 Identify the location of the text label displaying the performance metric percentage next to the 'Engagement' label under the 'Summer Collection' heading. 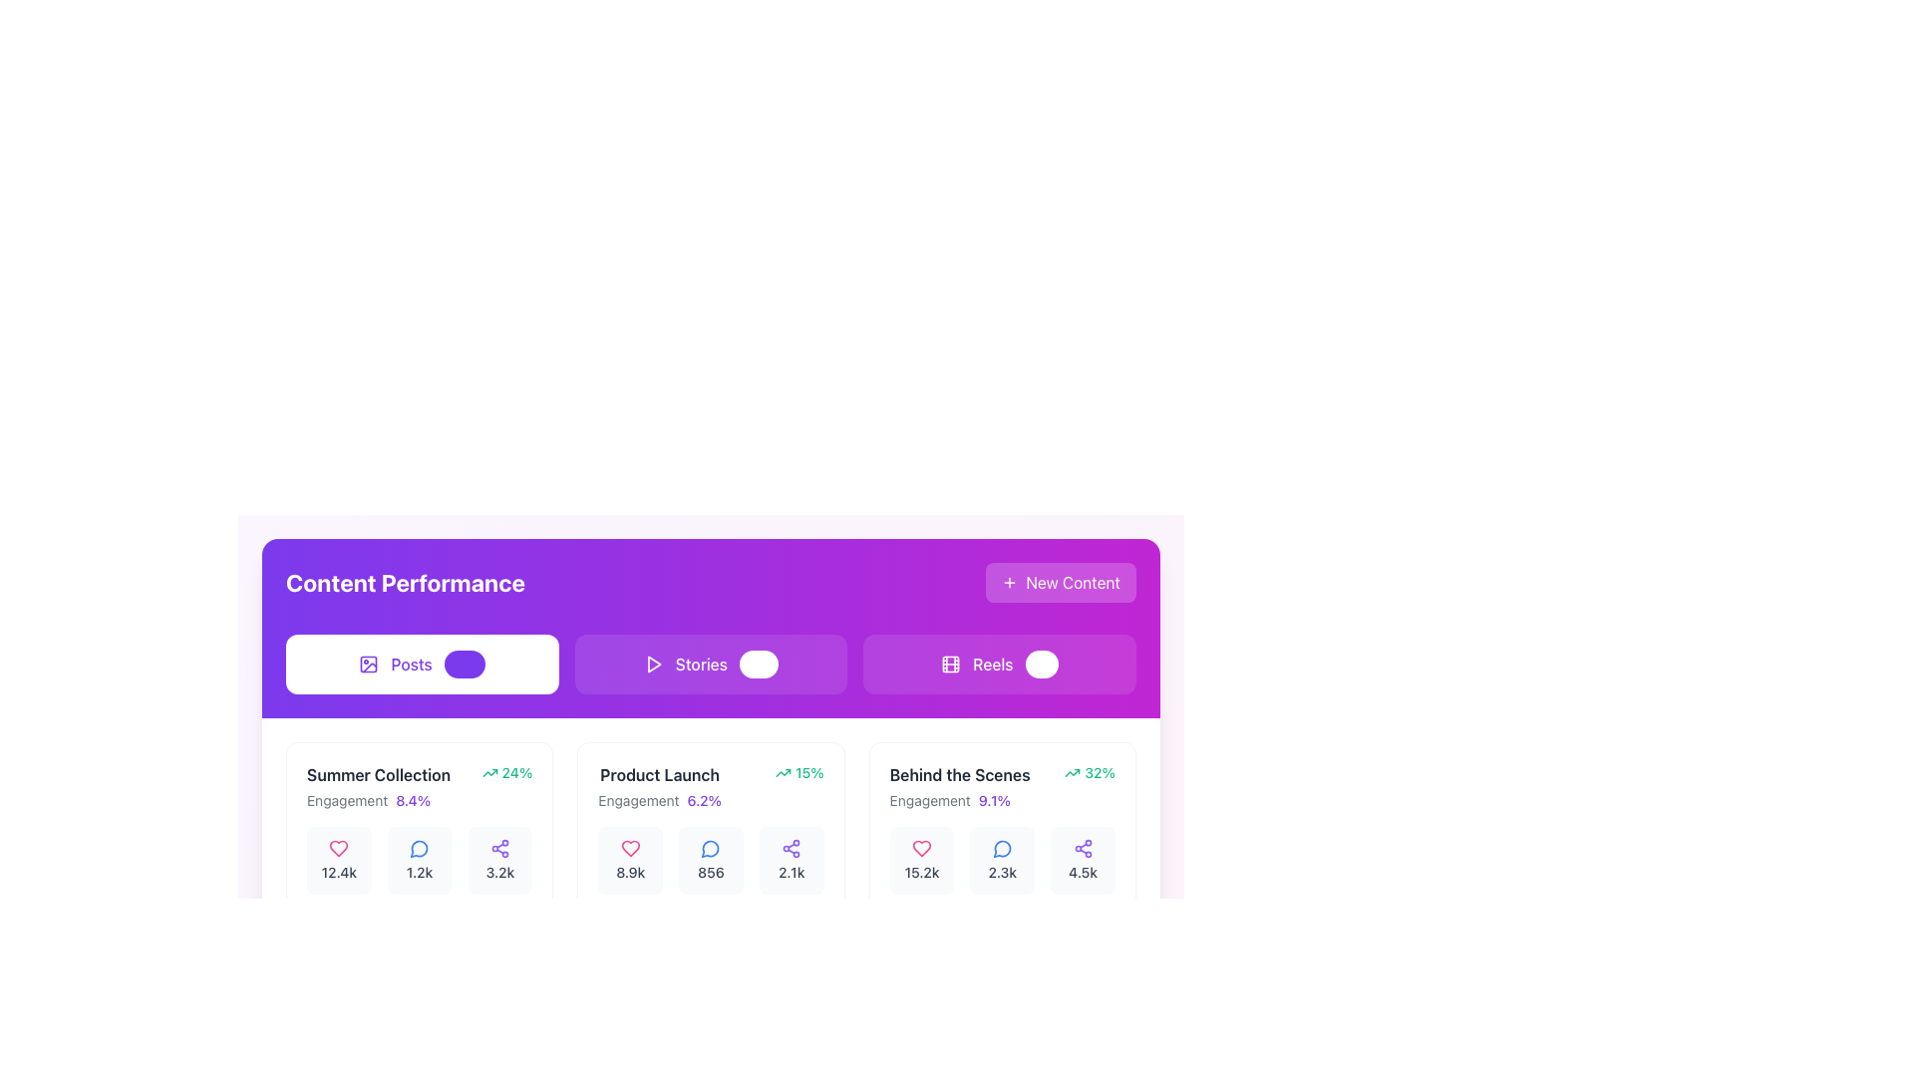
(412, 799).